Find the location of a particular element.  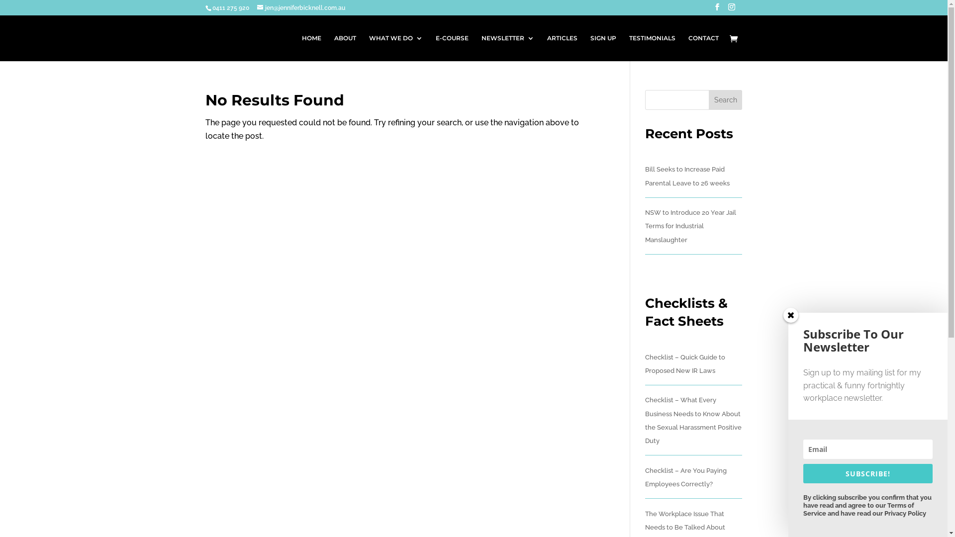

'SIGN UP' is located at coordinates (602, 48).